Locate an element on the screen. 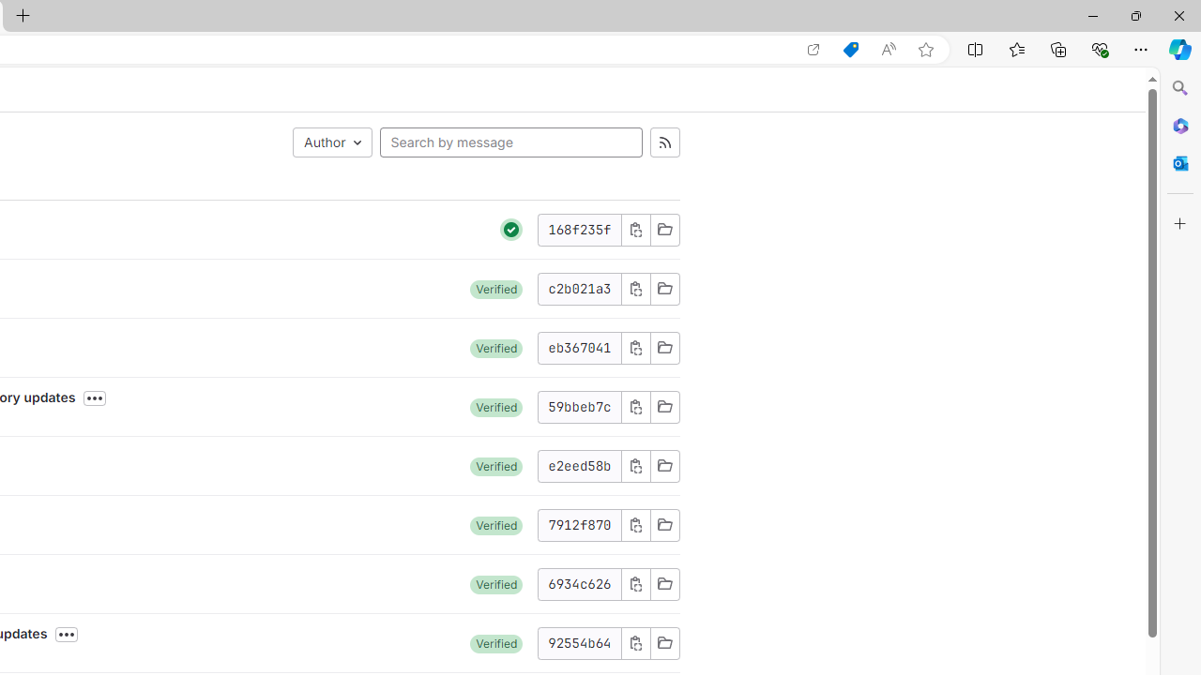  'Class: s16 gl-icon gl-button-icon ' is located at coordinates (635, 642).